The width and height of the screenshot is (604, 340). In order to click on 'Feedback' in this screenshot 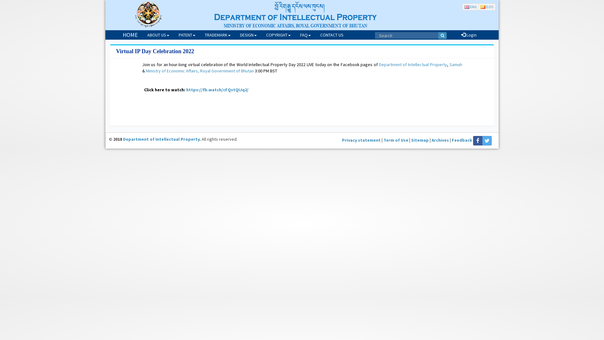, I will do `click(462, 139)`.